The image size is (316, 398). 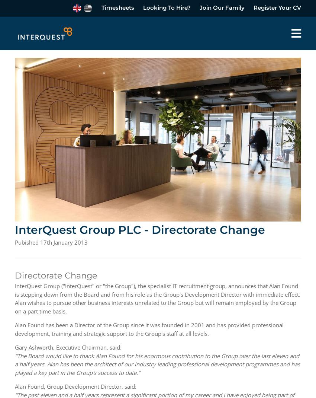 What do you see at coordinates (51, 242) in the screenshot?
I see `'Pubished 17th January 2013'` at bounding box center [51, 242].